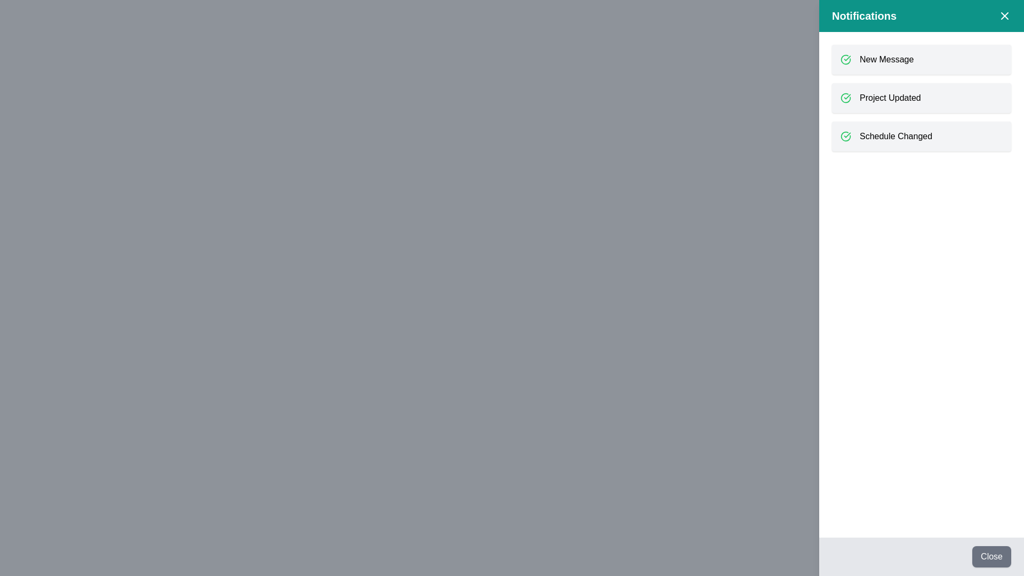  Describe the element at coordinates (991, 556) in the screenshot. I see `the close button located in the bottom-right corner of the gray background bar` at that location.